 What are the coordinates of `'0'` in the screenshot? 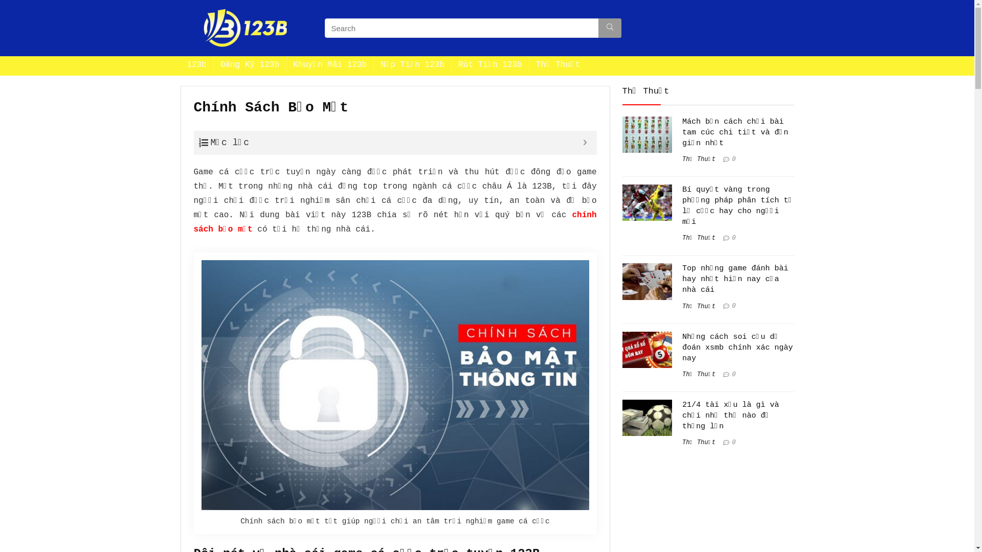 It's located at (733, 159).